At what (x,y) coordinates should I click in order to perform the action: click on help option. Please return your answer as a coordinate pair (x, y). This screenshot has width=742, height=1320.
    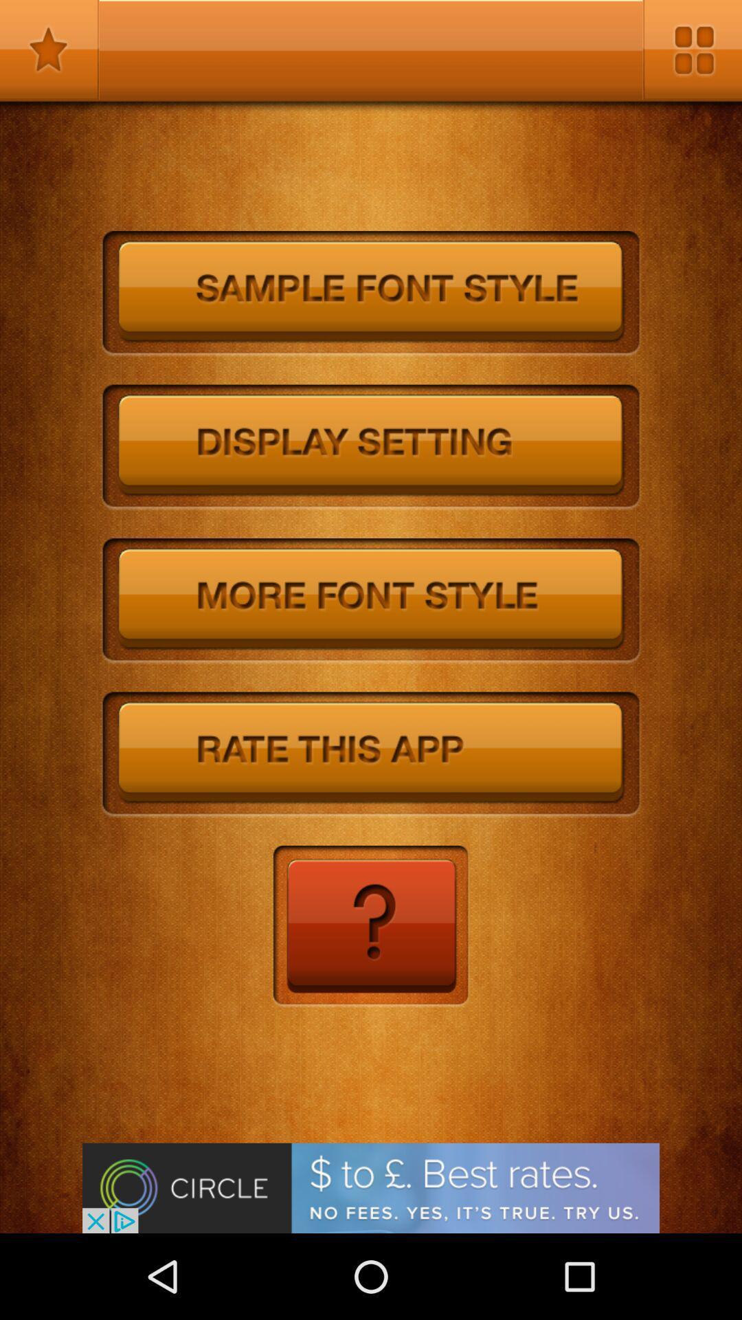
    Looking at the image, I should click on (370, 927).